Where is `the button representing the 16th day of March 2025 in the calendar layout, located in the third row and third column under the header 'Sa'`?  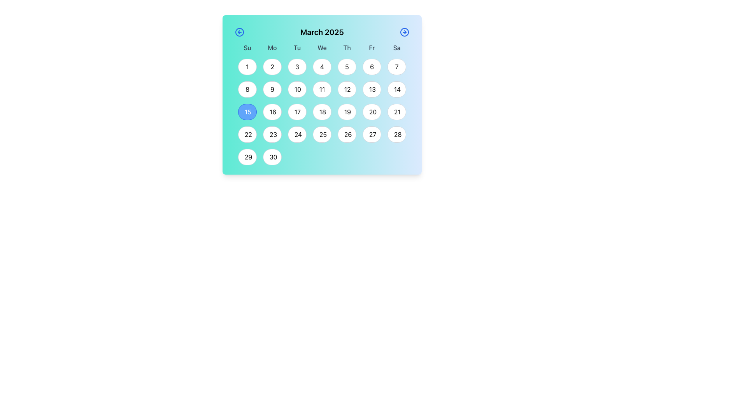
the button representing the 16th day of March 2025 in the calendar layout, located in the third row and third column under the header 'Sa' is located at coordinates (272, 112).